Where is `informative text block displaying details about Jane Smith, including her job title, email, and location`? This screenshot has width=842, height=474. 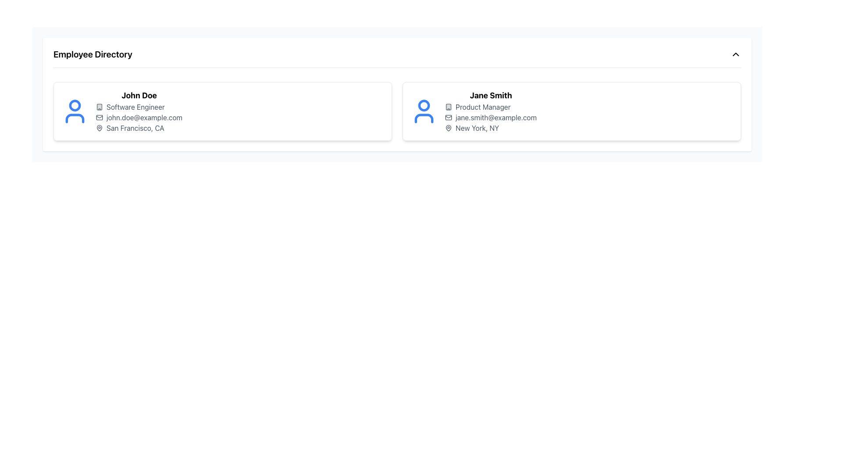
informative text block displaying details about Jane Smith, including her job title, email, and location is located at coordinates (490, 111).